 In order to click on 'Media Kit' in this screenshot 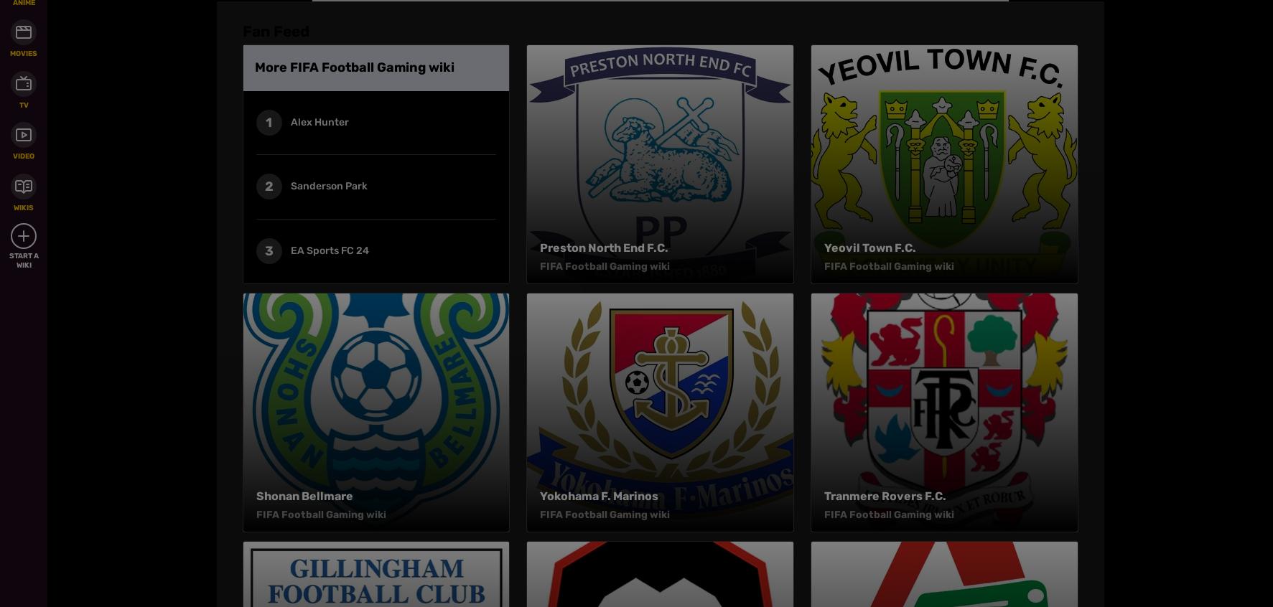, I will do `click(667, 114)`.